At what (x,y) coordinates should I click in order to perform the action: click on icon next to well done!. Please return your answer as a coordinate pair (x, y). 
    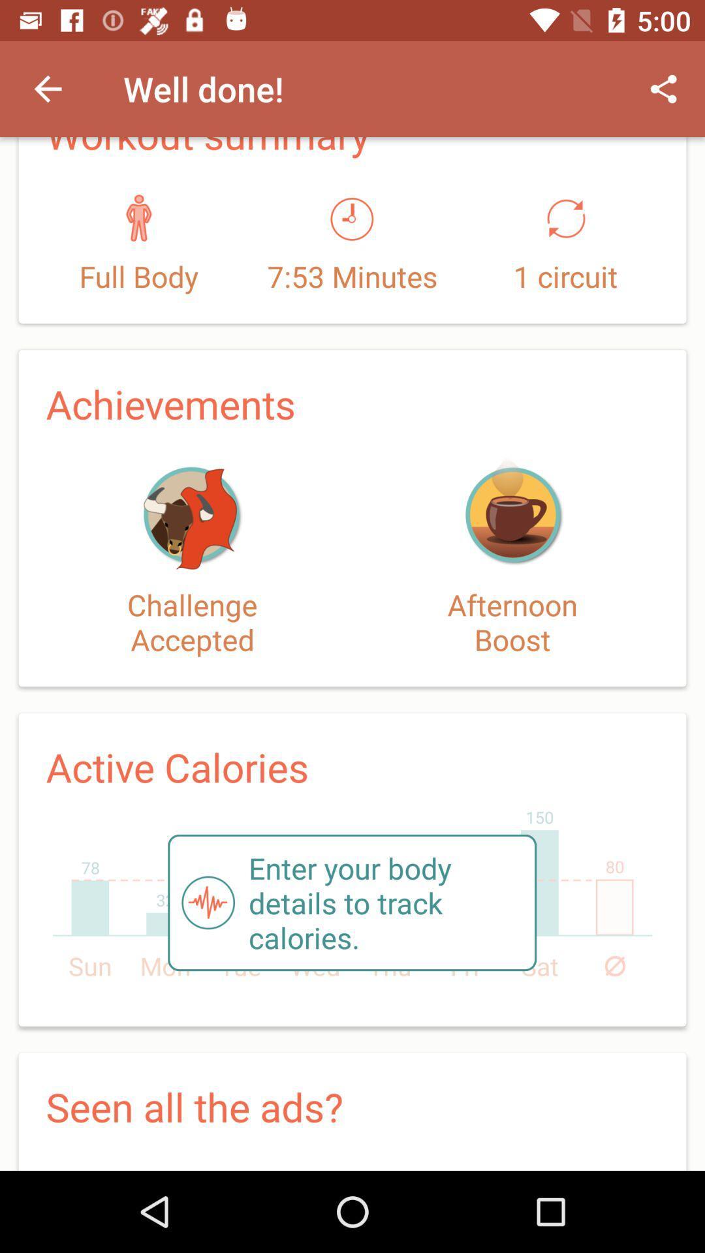
    Looking at the image, I should click on (47, 88).